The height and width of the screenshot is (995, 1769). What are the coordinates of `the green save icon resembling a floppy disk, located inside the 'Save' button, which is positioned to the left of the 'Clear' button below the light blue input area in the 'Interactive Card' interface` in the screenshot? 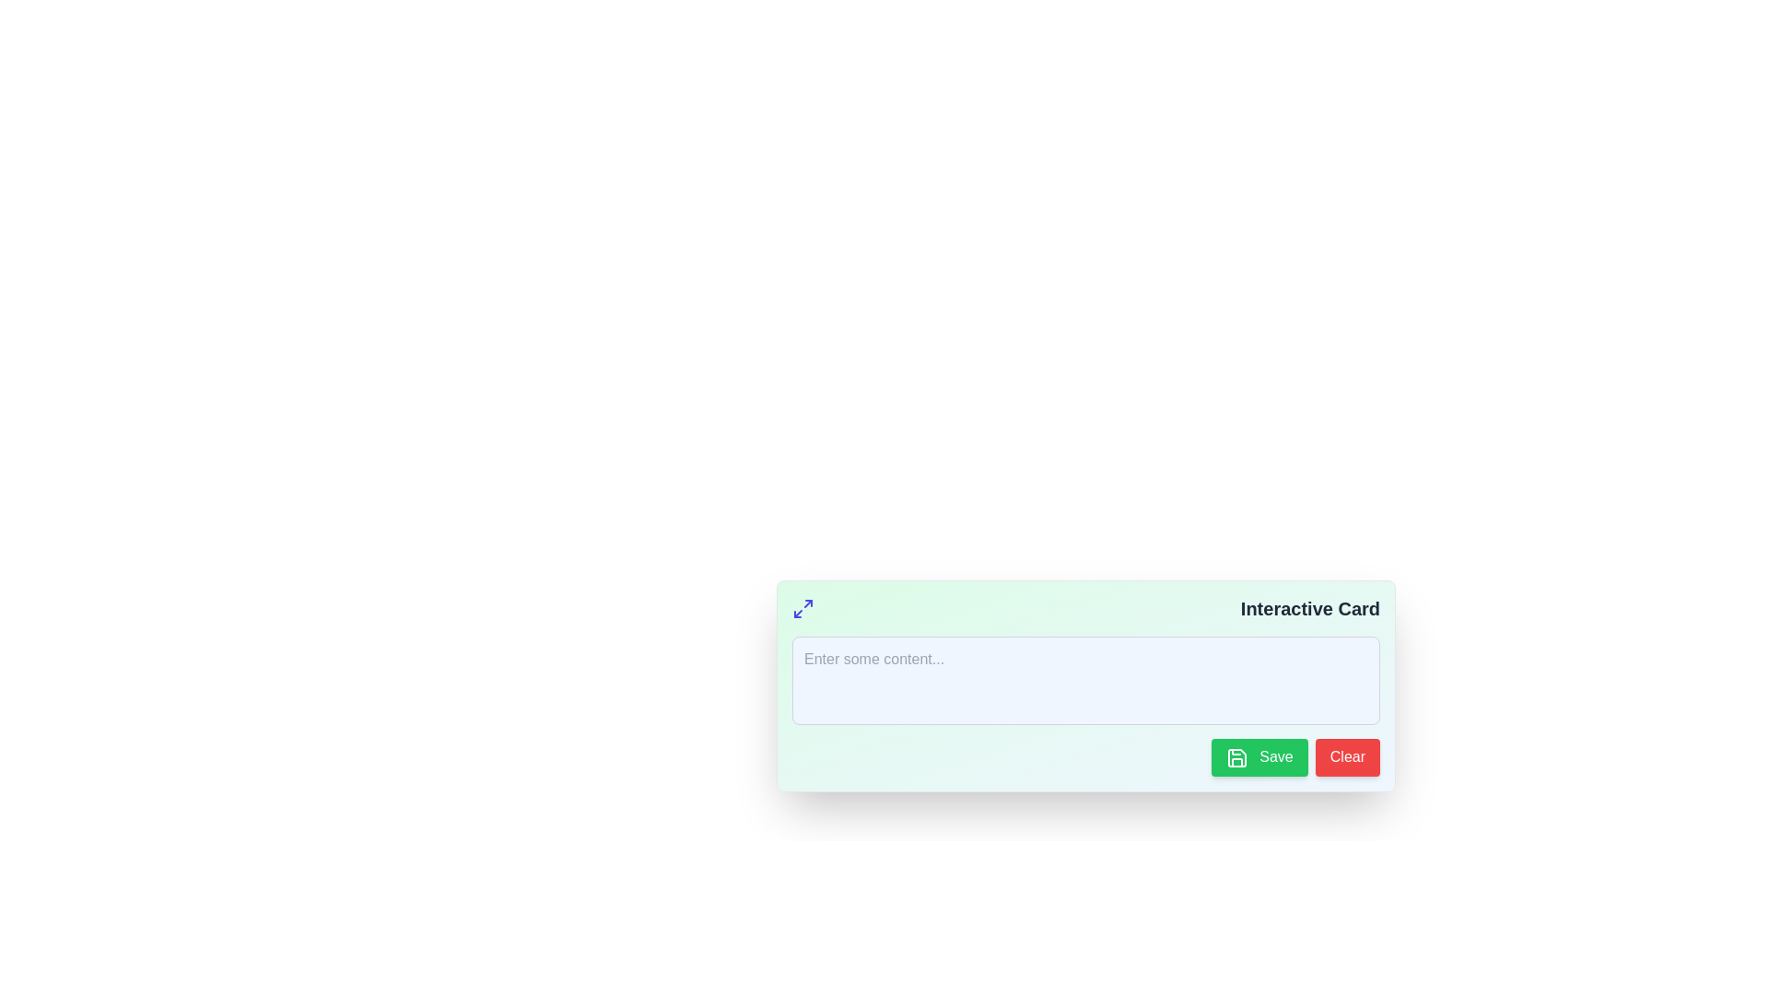 It's located at (1236, 757).